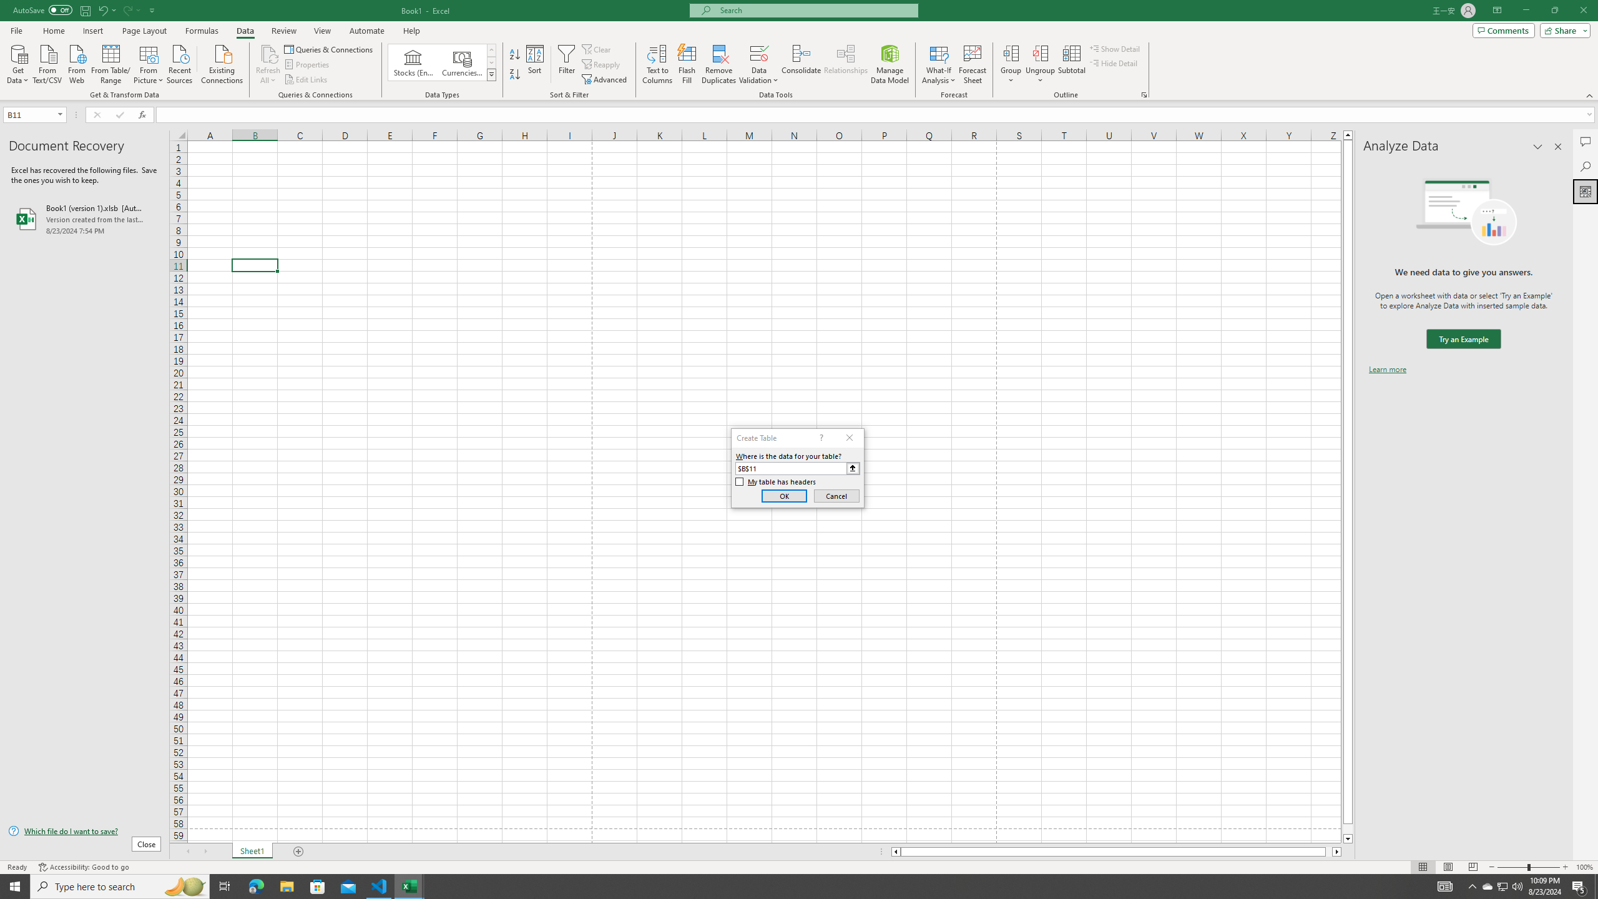 The width and height of the screenshot is (1598, 899). Describe the element at coordinates (1387, 368) in the screenshot. I see `'Learn more'` at that location.